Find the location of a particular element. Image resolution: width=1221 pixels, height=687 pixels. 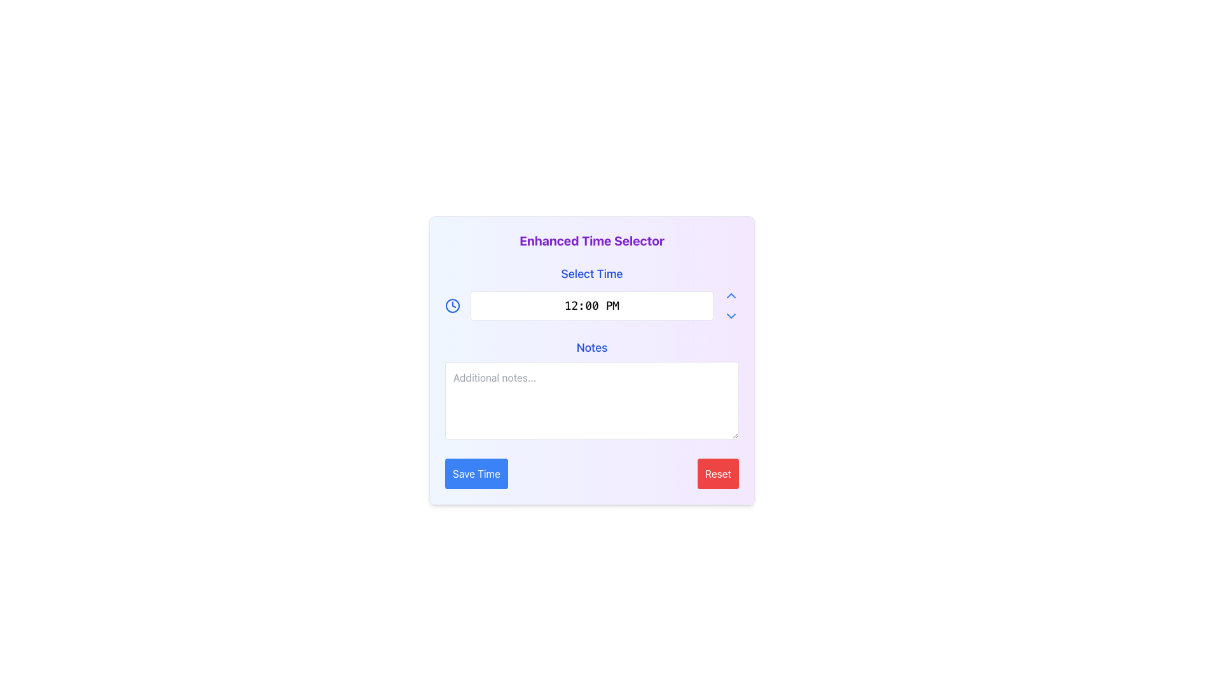

the 'Save' button located in the bottom-left corner of the form panel is located at coordinates (476, 473).